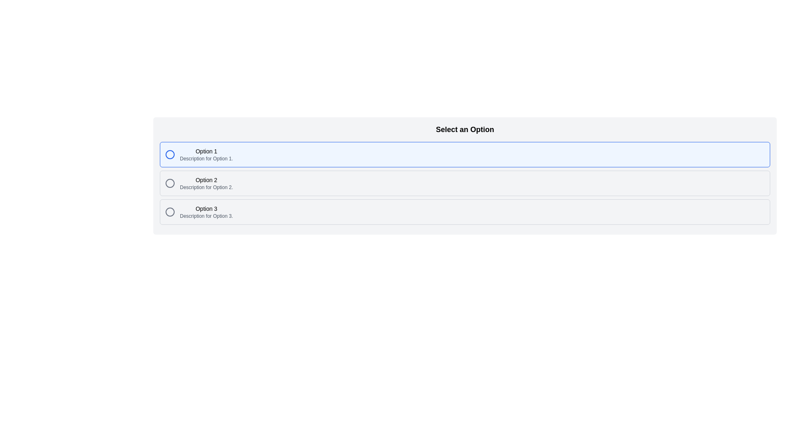 The image size is (787, 443). Describe the element at coordinates (169, 183) in the screenshot. I see `the radio button icon located to the left of the text 'Option 2'` at that location.